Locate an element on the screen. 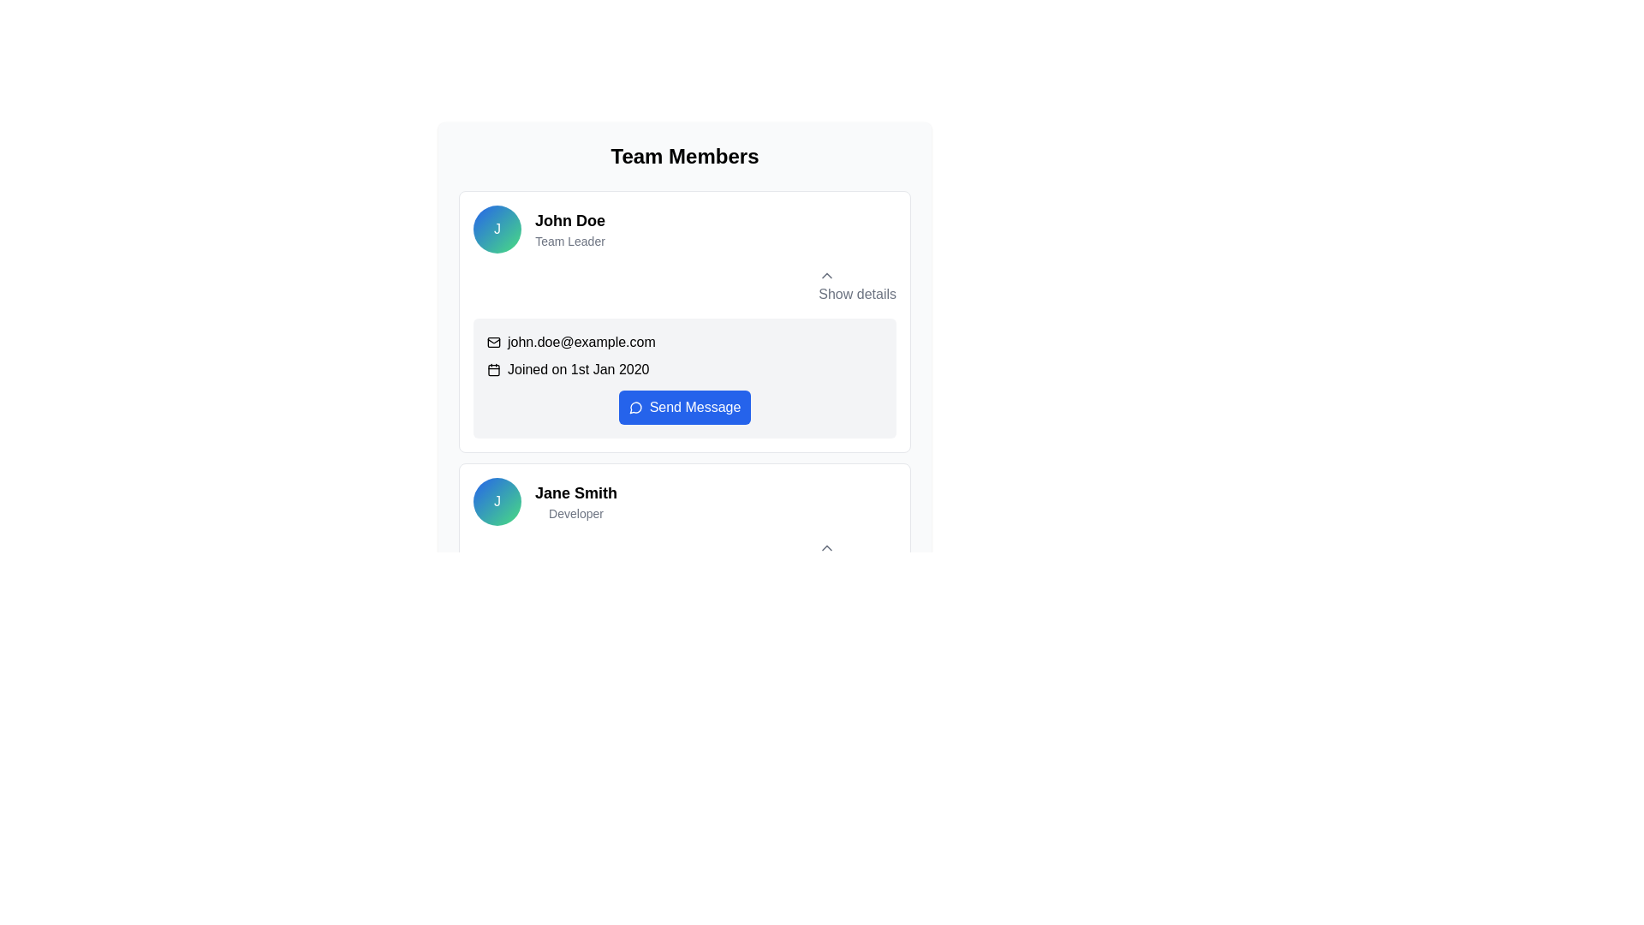  the button at the bottom right of the card featuring 'Jane Smith' to change its color is located at coordinates (857, 558).